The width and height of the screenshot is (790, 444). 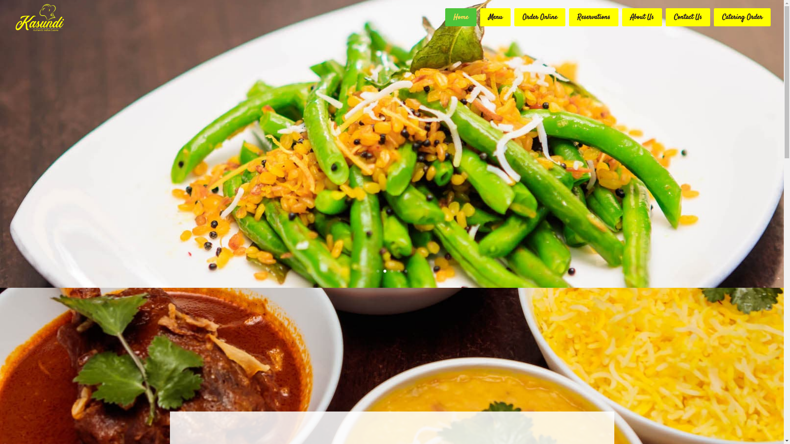 I want to click on 'Contact Us', so click(x=688, y=17).